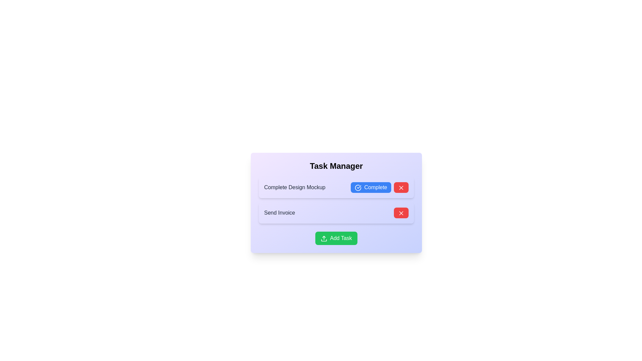  Describe the element at coordinates (380, 187) in the screenshot. I see `the button used to mark the 'Complete Design Mockup' task as completed, which is located on the right side of the task description in the task list interface` at that location.